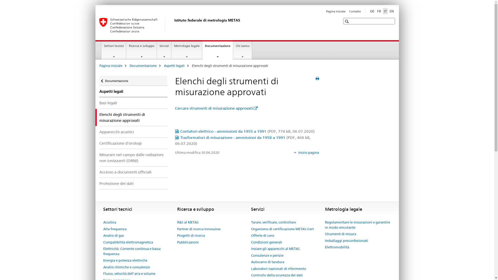 The height and width of the screenshot is (280, 498). Describe the element at coordinates (187, 242) in the screenshot. I see `'Pubblicazioni'` at that location.